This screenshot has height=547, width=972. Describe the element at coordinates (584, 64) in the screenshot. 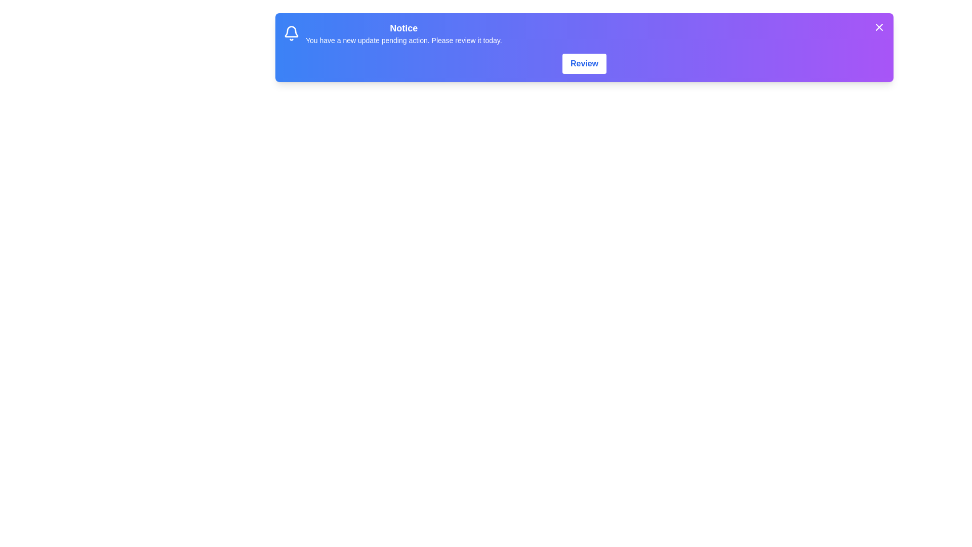

I see `the button on the notification banner that prompts the user to review the new update pending action` at that location.